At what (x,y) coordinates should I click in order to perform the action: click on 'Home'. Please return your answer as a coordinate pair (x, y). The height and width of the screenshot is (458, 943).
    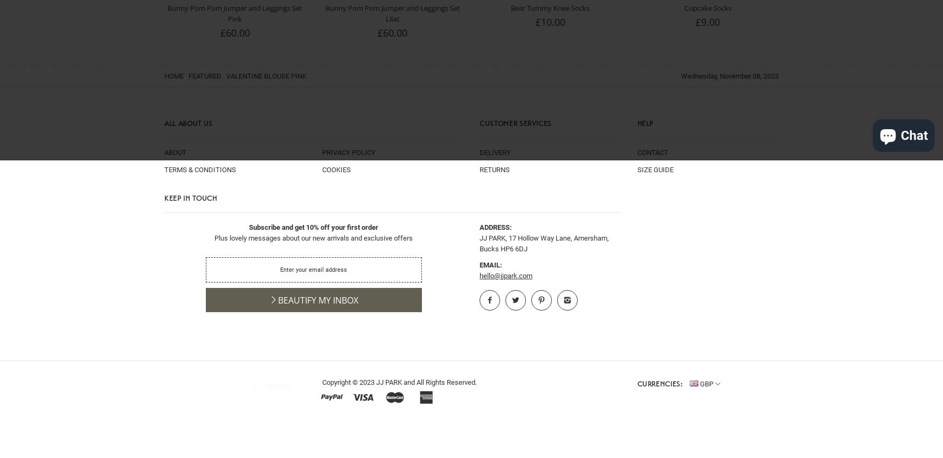
    Looking at the image, I should click on (175, 76).